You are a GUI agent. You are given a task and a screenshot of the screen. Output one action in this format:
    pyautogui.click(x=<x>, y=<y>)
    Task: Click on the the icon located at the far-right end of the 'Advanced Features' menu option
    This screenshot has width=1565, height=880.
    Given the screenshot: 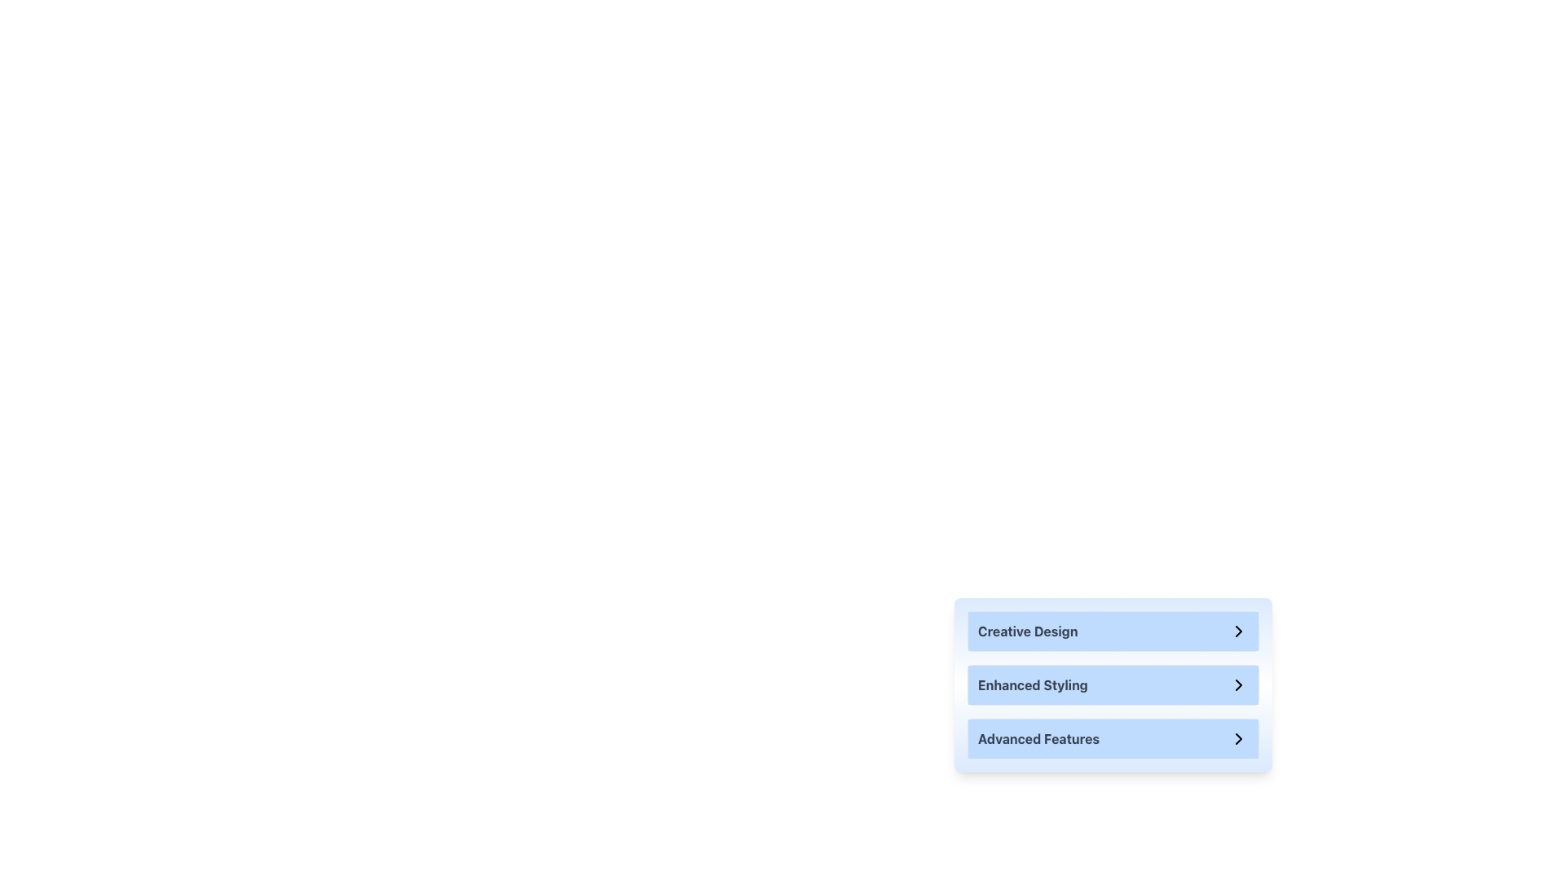 What is the action you would take?
    pyautogui.click(x=1239, y=738)
    